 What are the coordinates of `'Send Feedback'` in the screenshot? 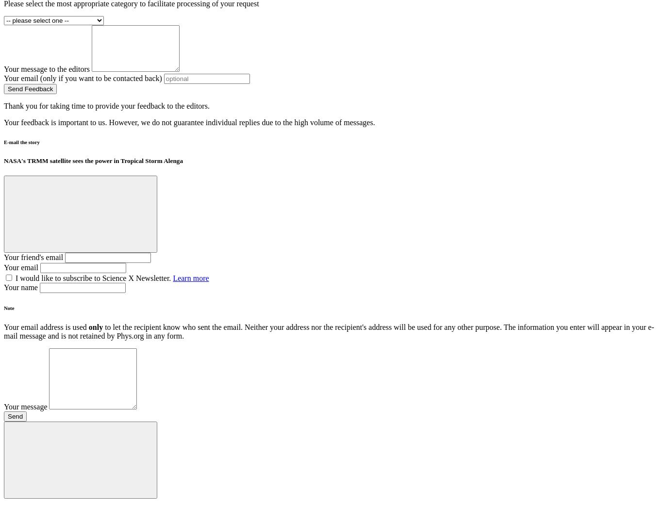 It's located at (7, 88).